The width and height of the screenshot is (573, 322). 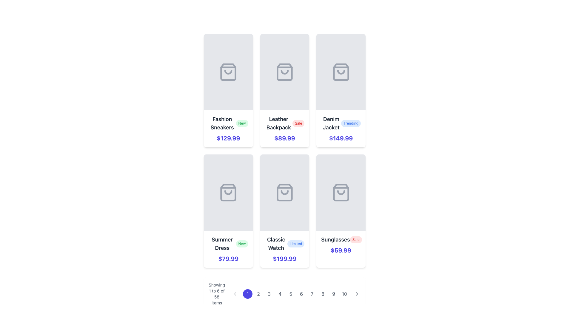 I want to click on the navigation button representing the 10th page, located as the rightmost button next to the button labeled '9' in the pagination system, so click(x=344, y=294).